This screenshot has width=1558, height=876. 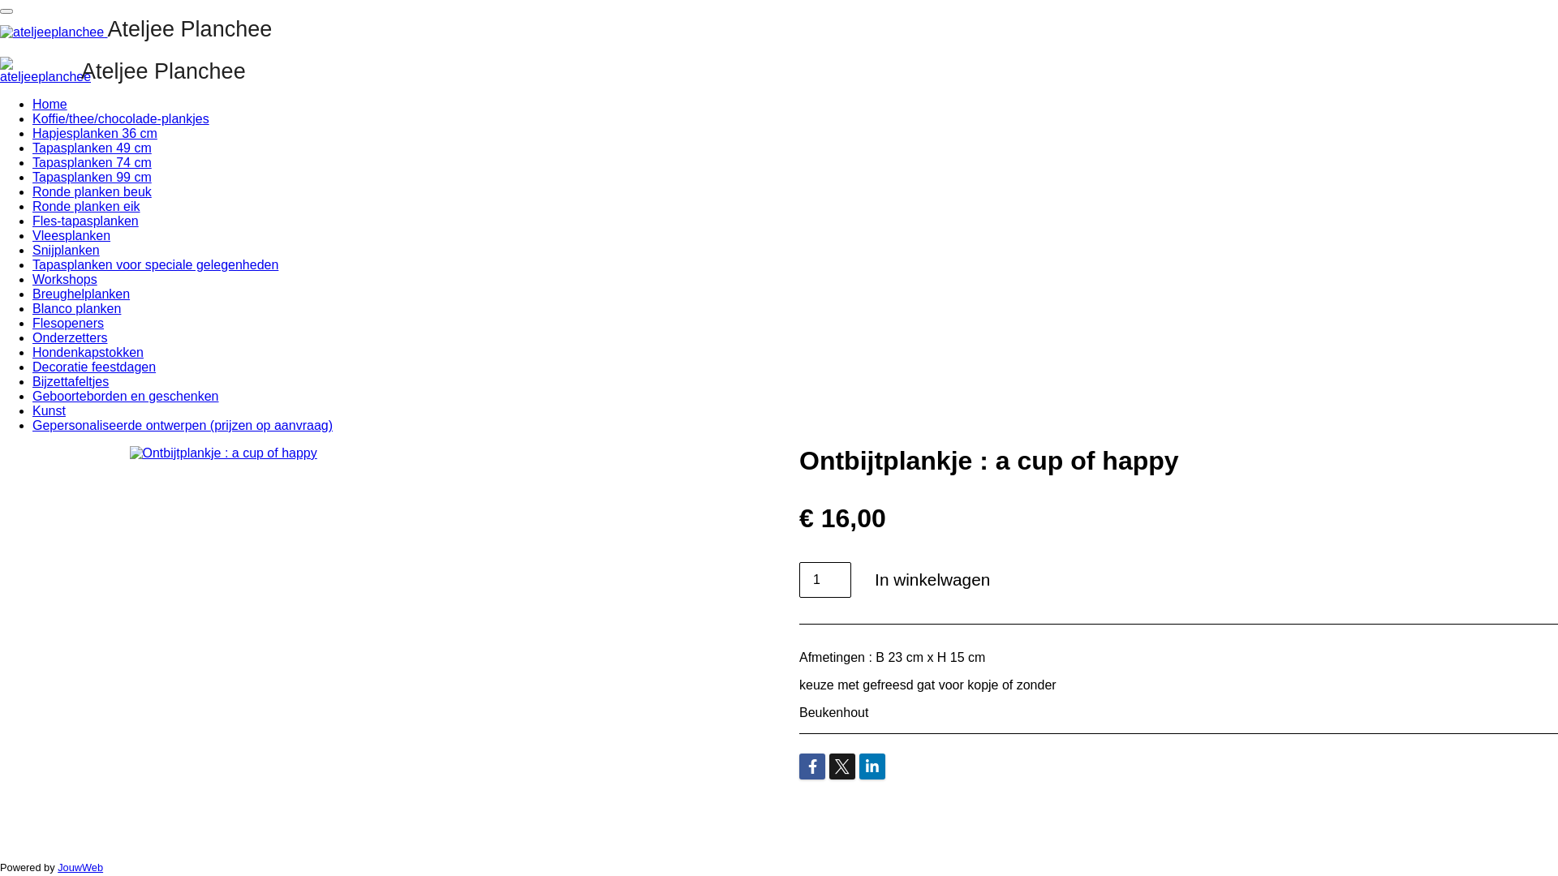 What do you see at coordinates (183, 424) in the screenshot?
I see `'Gepersonaliseerde ontwerpen (prijzen op aanvraag)'` at bounding box center [183, 424].